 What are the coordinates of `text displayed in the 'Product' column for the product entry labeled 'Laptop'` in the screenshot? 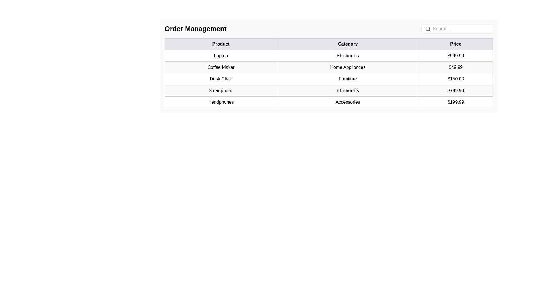 It's located at (221, 56).